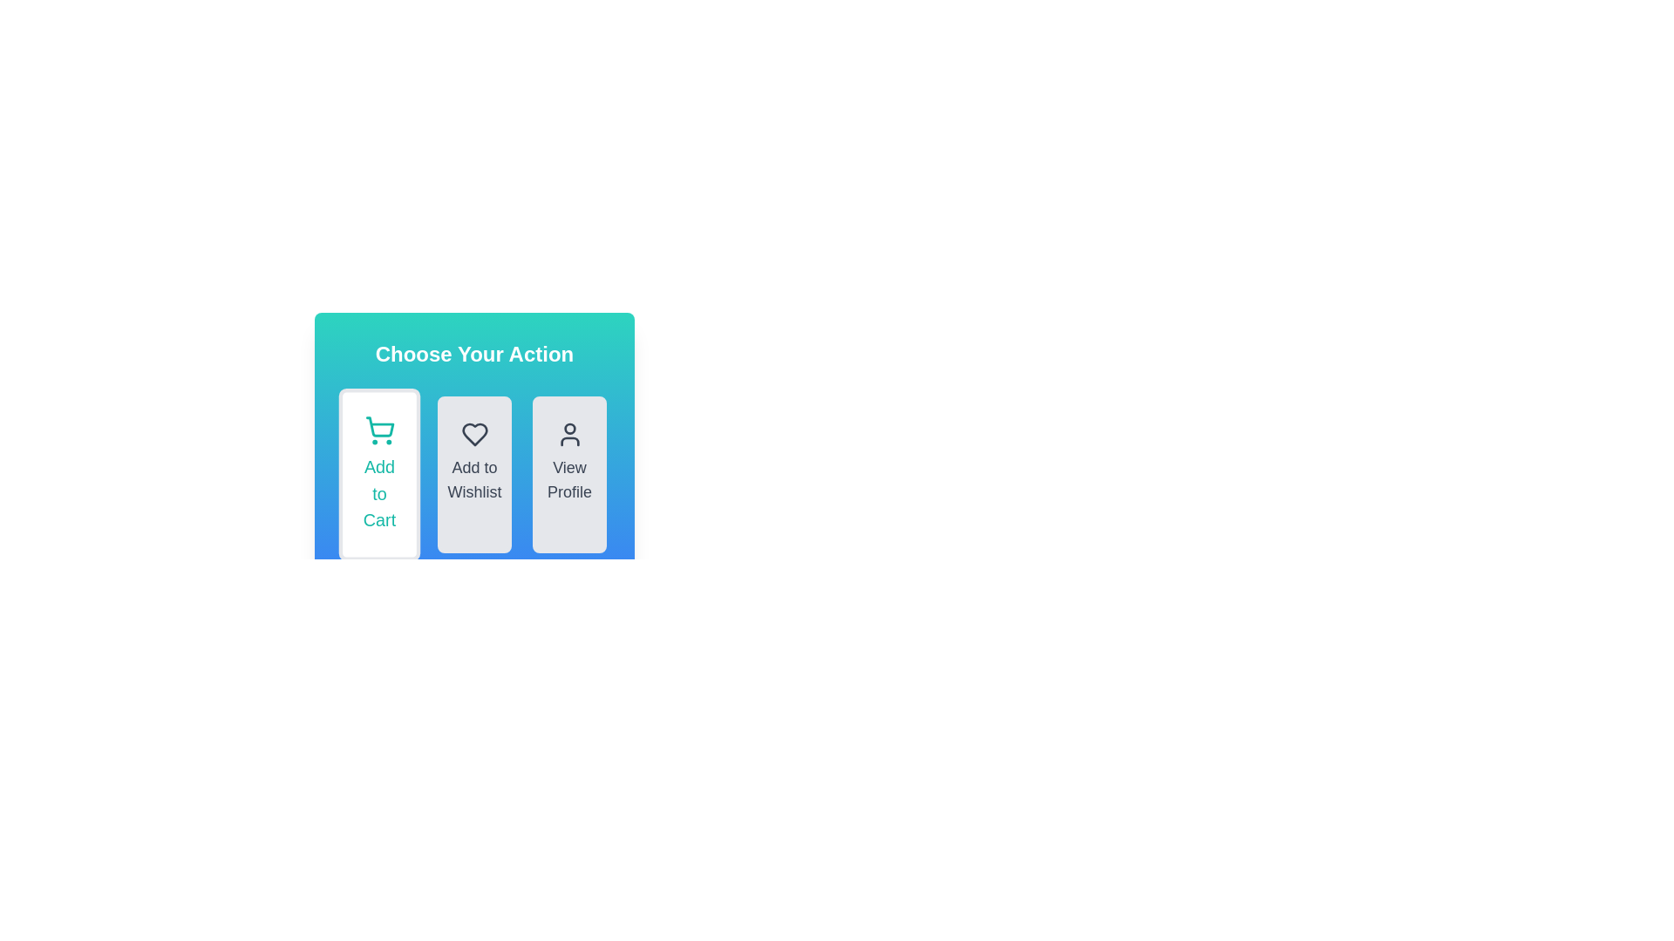 The height and width of the screenshot is (941, 1674). What do you see at coordinates (378, 474) in the screenshot?
I see `the 'Add to Cart' button located in the left-most column of the grid layout` at bounding box center [378, 474].